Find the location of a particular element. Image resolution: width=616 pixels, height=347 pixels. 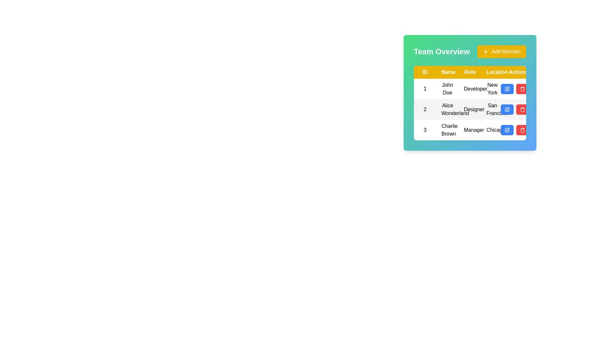

the role of the individual named 'Alice Wonderland' in the second row of the team members table is located at coordinates (470, 109).